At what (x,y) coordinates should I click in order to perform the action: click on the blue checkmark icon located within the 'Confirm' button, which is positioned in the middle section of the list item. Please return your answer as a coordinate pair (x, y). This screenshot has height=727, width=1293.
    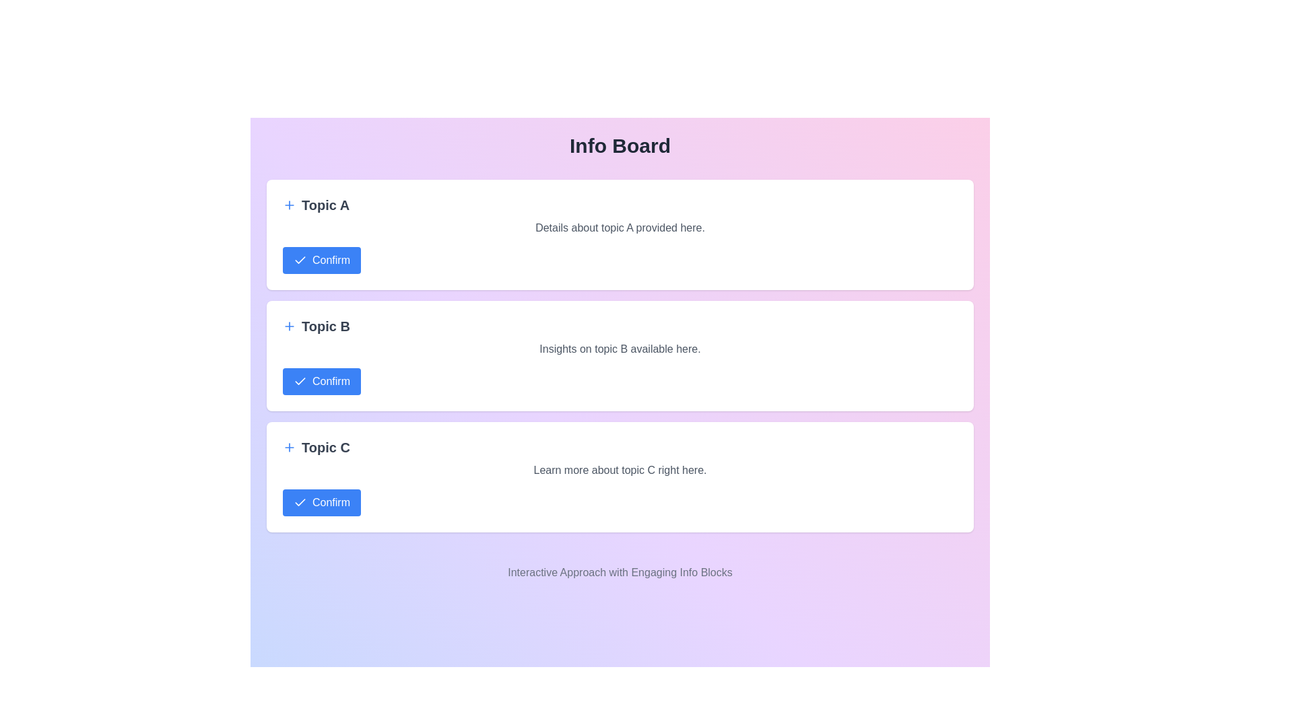
    Looking at the image, I should click on (300, 260).